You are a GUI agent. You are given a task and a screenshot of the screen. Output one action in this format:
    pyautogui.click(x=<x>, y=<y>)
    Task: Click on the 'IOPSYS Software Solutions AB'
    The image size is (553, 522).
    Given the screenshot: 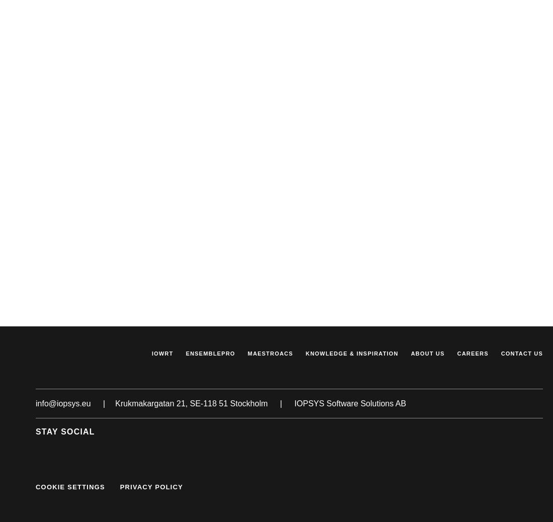 What is the action you would take?
    pyautogui.click(x=349, y=403)
    